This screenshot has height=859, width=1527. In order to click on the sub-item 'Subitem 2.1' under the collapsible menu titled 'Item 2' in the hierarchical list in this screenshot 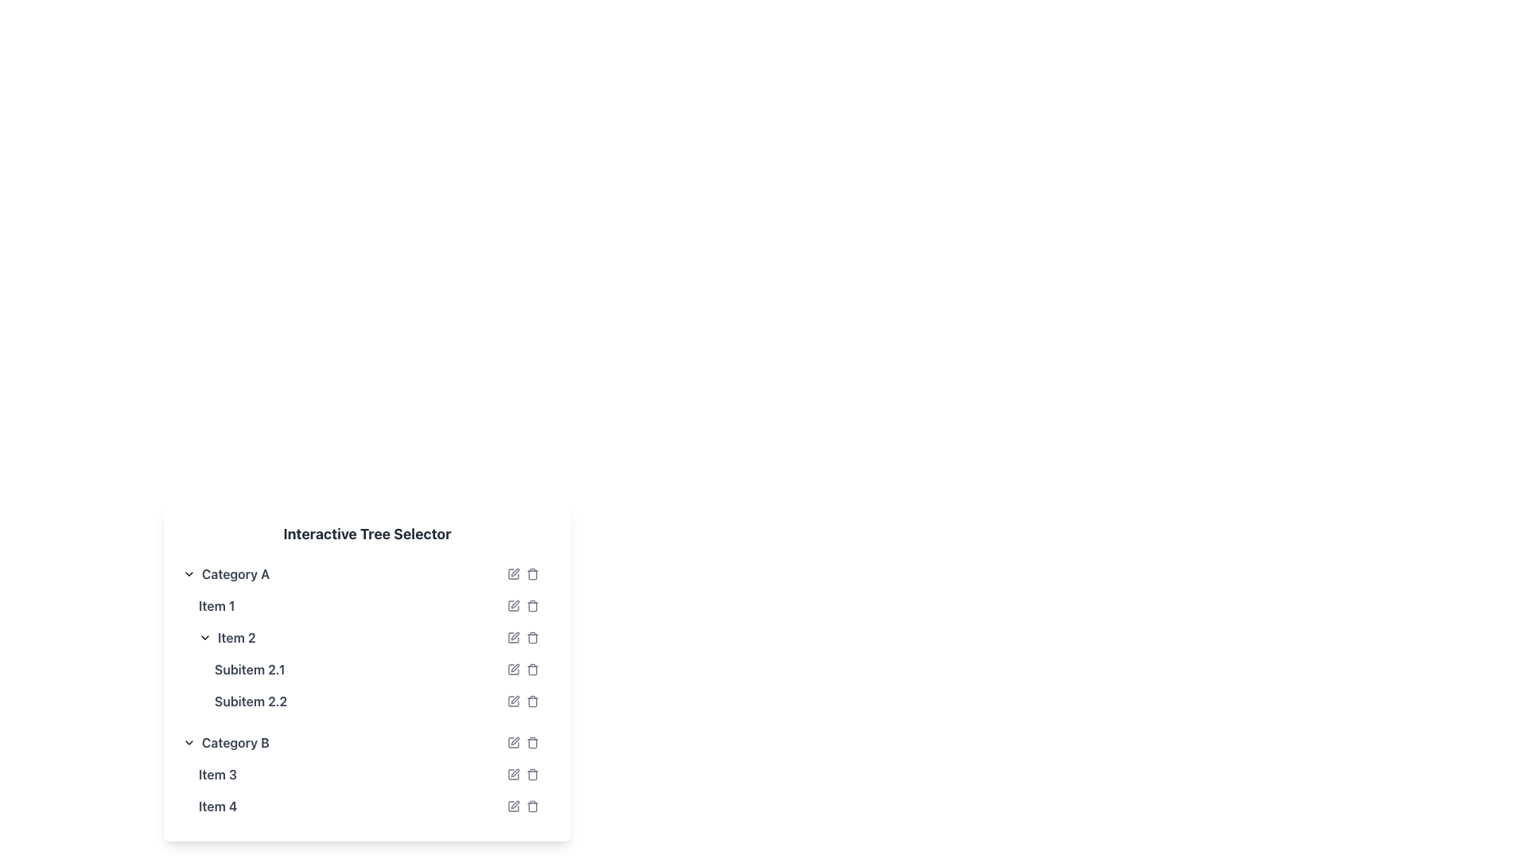, I will do `click(366, 669)`.